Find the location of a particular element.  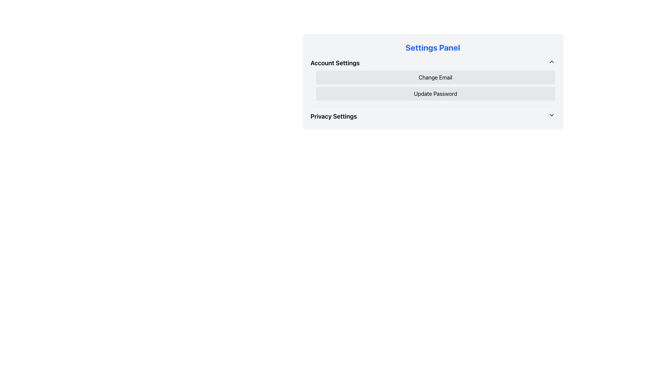

the small upward-pointing triangular icon located at the right end of the 'Account Settings' heading is located at coordinates (551, 62).